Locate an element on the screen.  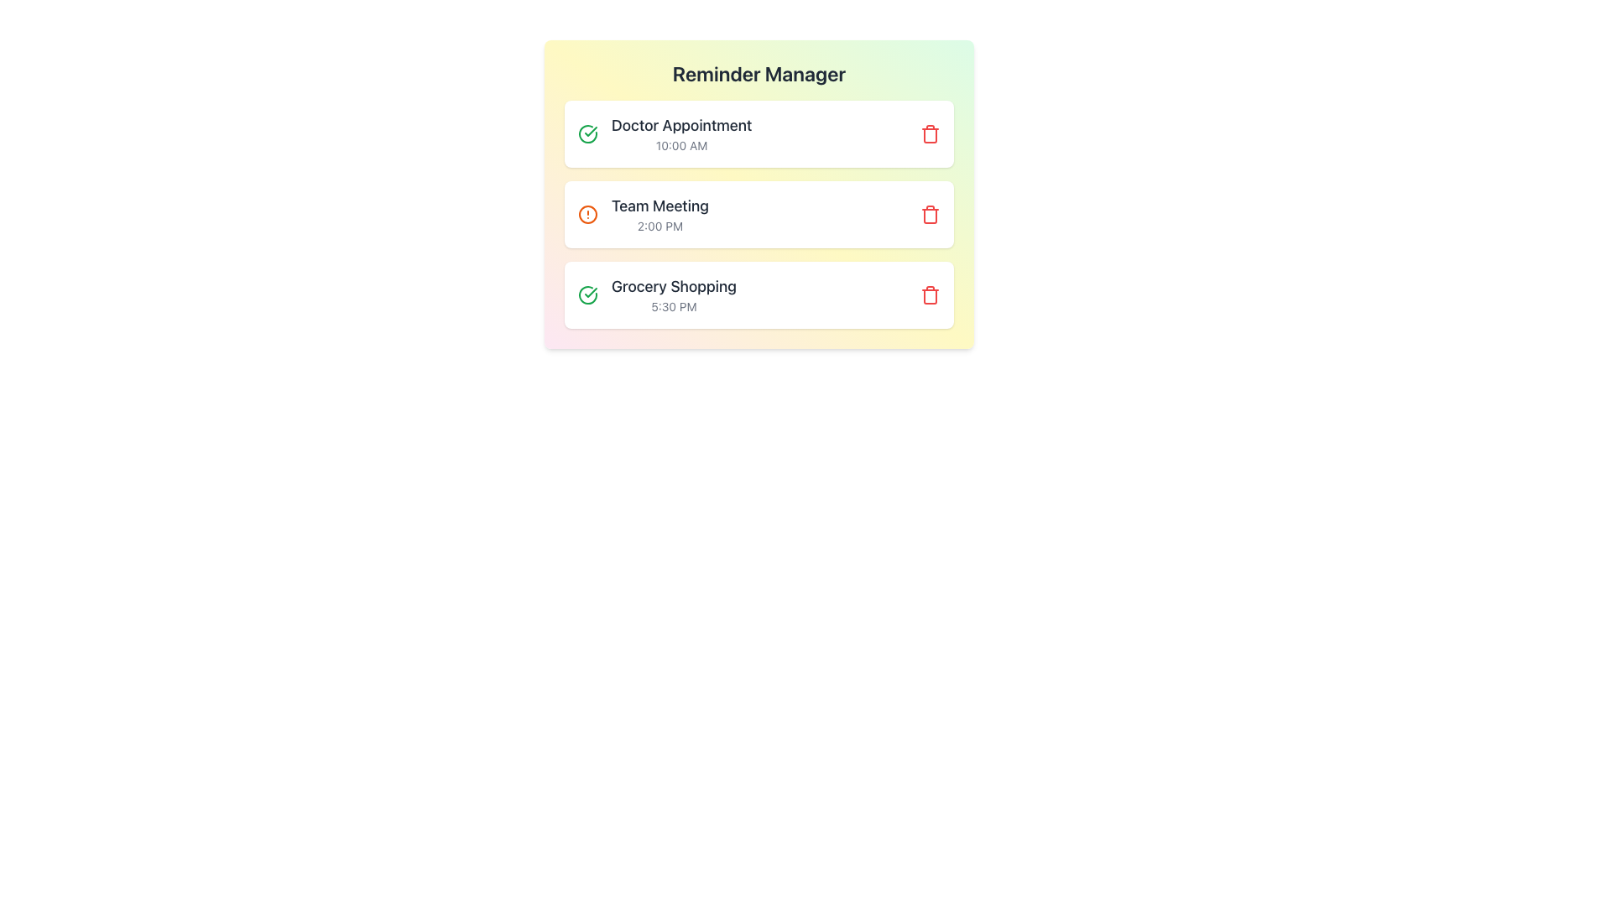
the orange alert icon button preceding the 'Team Meeting 2:00 PM' text is located at coordinates (587, 213).